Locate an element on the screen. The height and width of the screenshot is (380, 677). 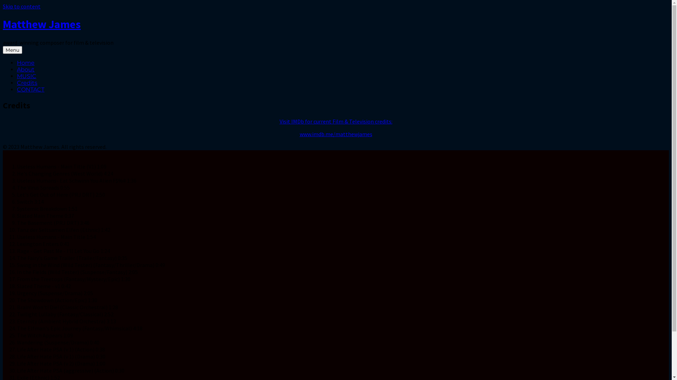
'Matthew James' is located at coordinates (41, 24).